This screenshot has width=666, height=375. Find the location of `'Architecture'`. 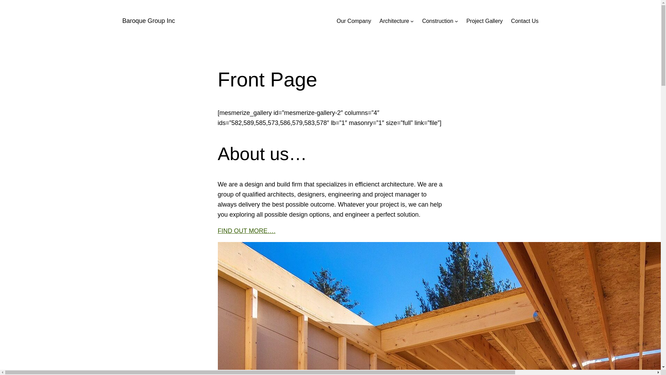

'Architecture' is located at coordinates (394, 21).